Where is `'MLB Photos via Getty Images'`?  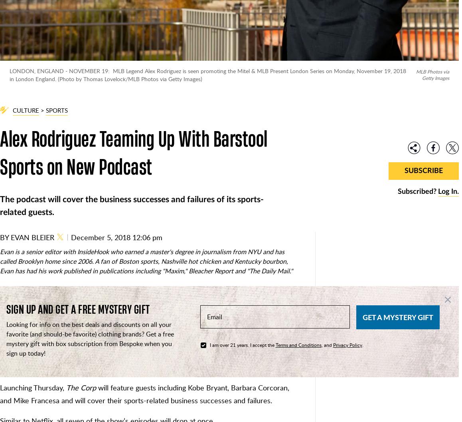 'MLB Photos via Getty Images' is located at coordinates (432, 74).